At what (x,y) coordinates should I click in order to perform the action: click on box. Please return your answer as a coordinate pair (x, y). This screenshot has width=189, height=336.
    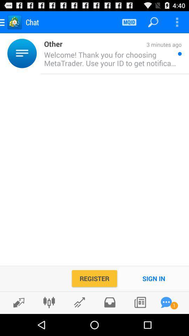
    Looking at the image, I should click on (110, 302).